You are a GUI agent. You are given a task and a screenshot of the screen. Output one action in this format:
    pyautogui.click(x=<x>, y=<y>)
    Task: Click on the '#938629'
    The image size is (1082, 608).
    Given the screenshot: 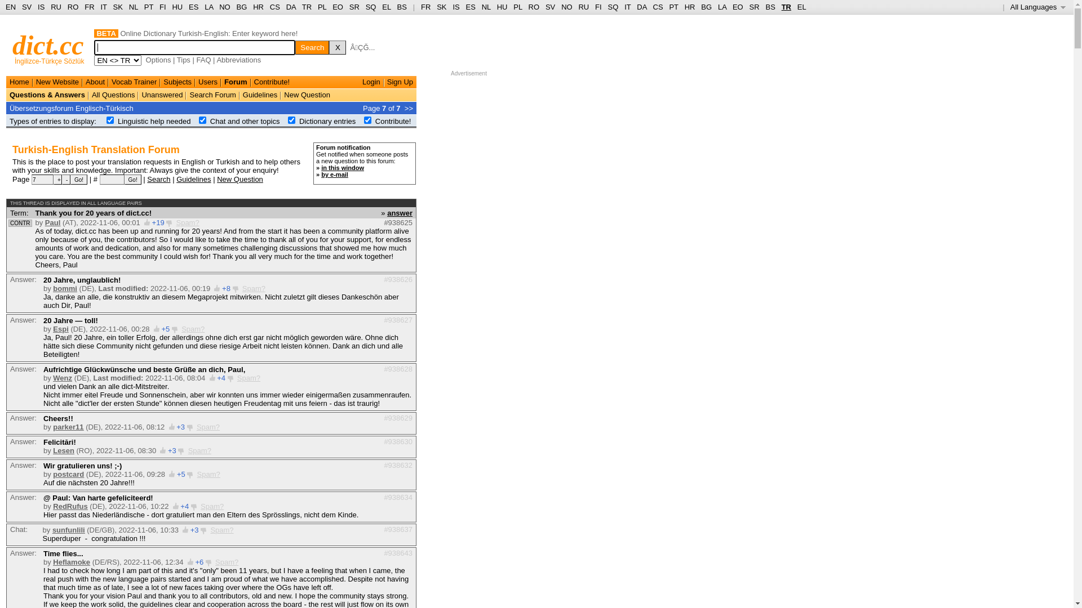 What is the action you would take?
    pyautogui.click(x=398, y=417)
    